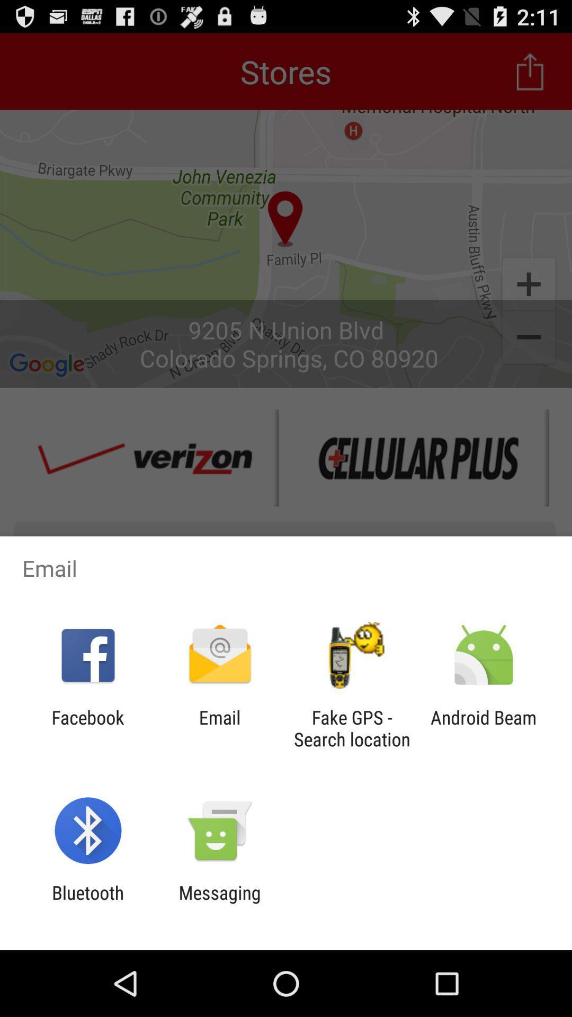  What do you see at coordinates (87, 903) in the screenshot?
I see `icon to the left of messaging item` at bounding box center [87, 903].